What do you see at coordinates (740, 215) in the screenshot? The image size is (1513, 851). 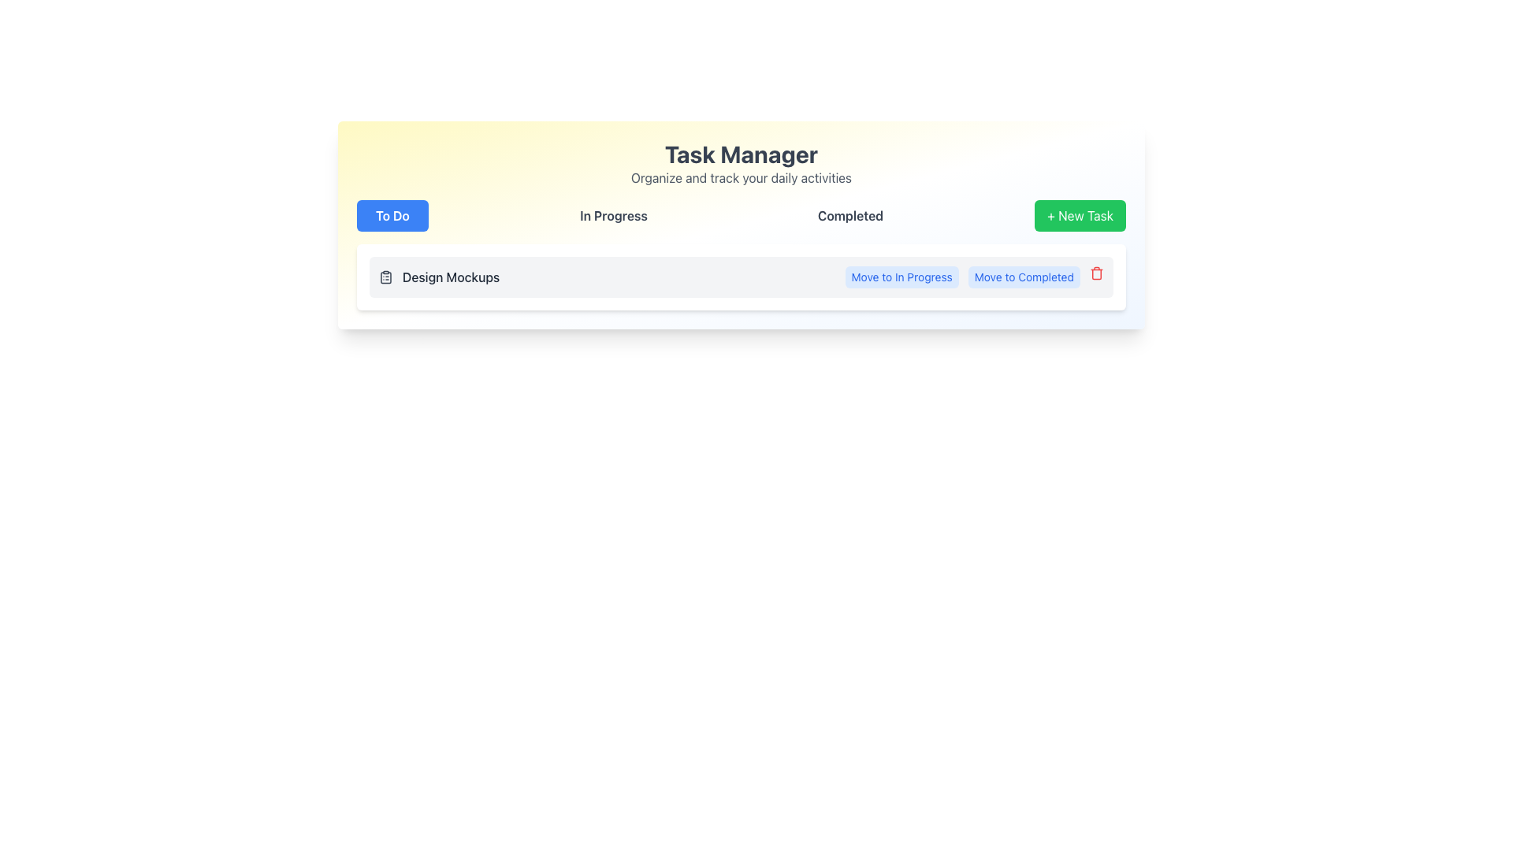 I see `any button in the task management navigation bar` at bounding box center [740, 215].